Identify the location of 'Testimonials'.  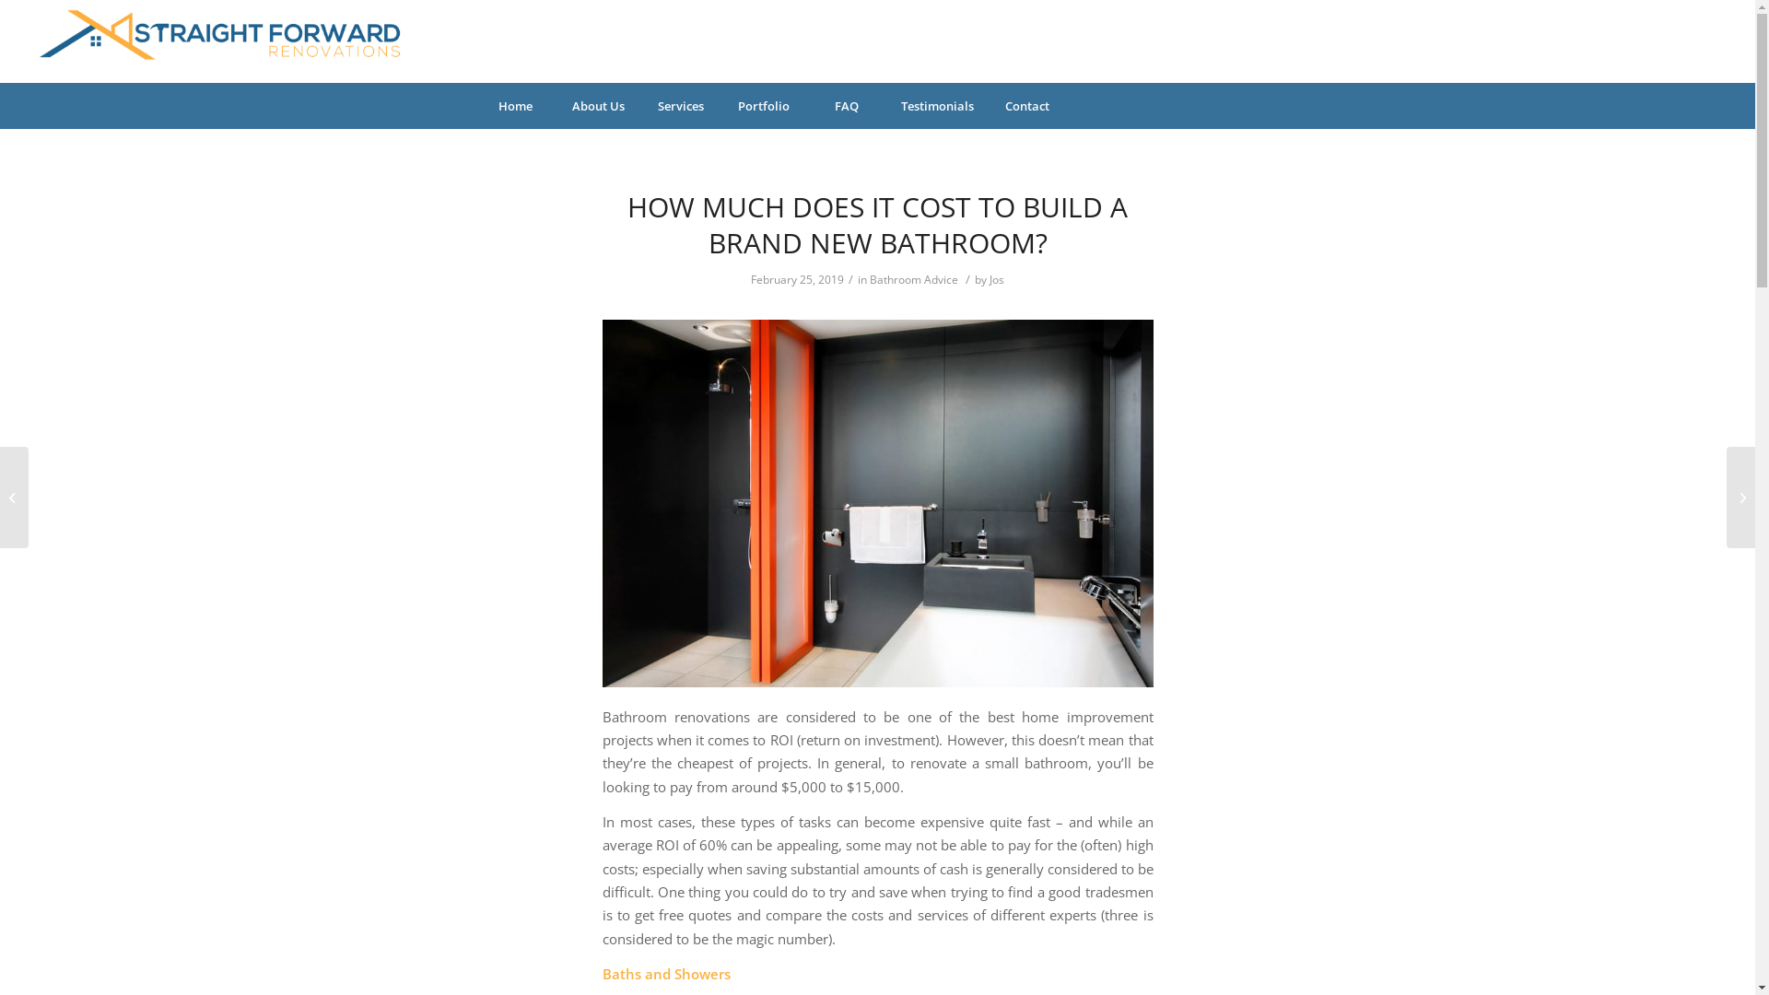
(937, 106).